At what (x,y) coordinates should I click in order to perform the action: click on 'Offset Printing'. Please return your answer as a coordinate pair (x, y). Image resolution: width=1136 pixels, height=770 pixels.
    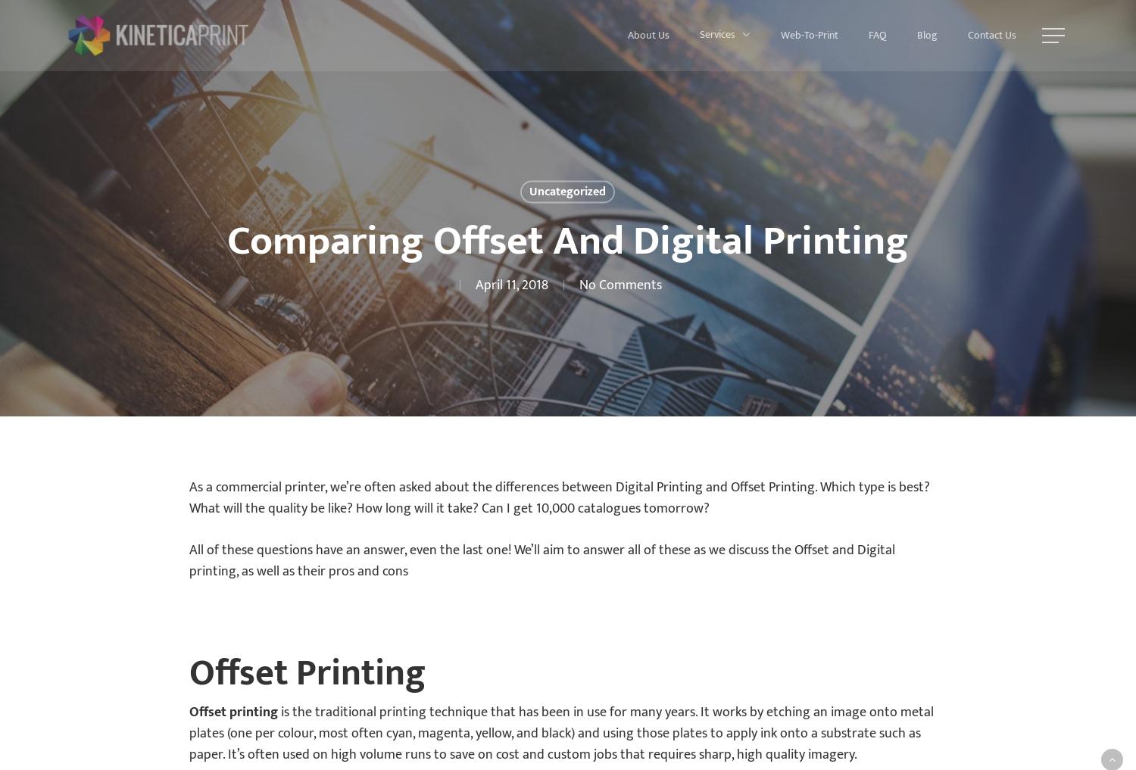
    Looking at the image, I should click on (307, 673).